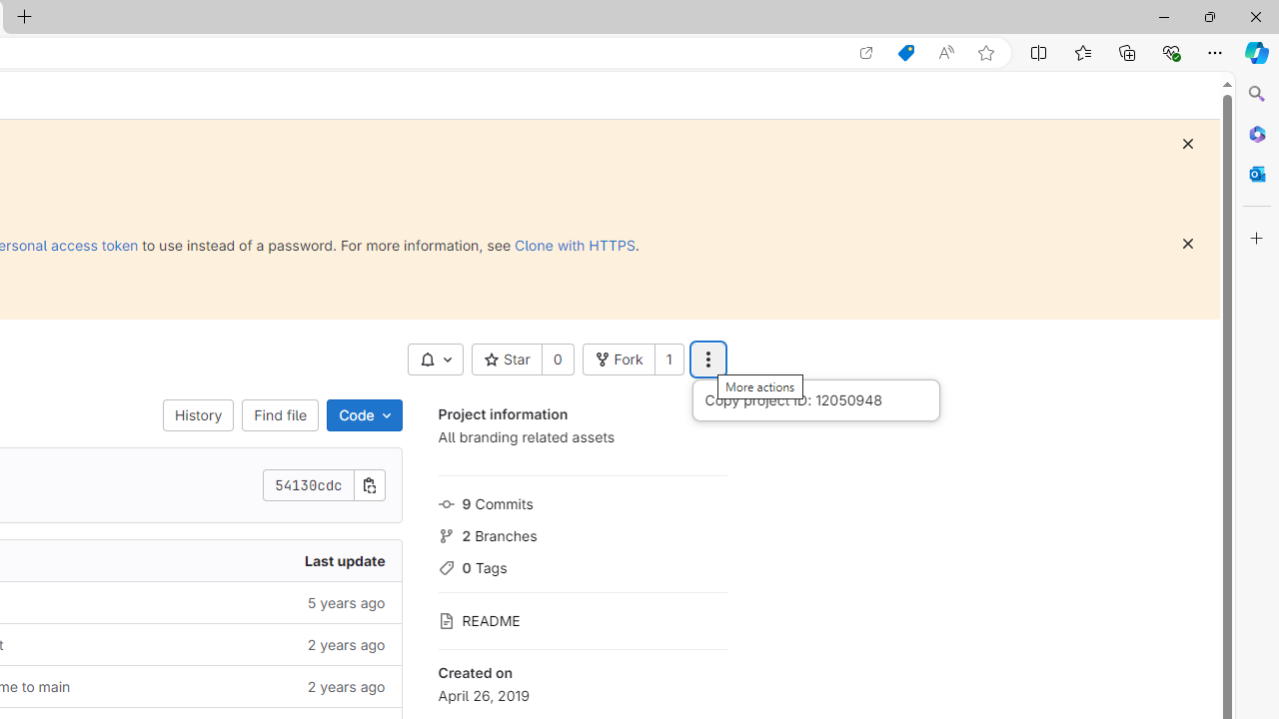 The width and height of the screenshot is (1279, 719). I want to click on 'History', so click(199, 414).